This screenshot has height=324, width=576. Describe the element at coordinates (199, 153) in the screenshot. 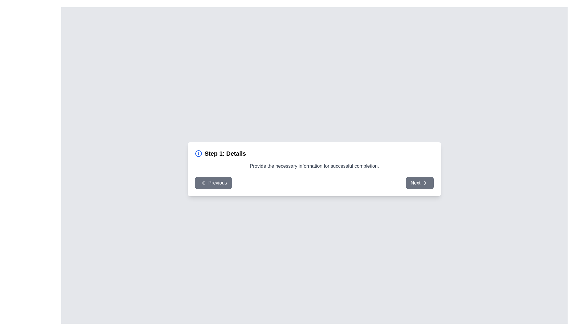

I see `the filled circular shape located centrally within the SVG icon adjacent to the step heading titled 'Step 1: Details'` at that location.